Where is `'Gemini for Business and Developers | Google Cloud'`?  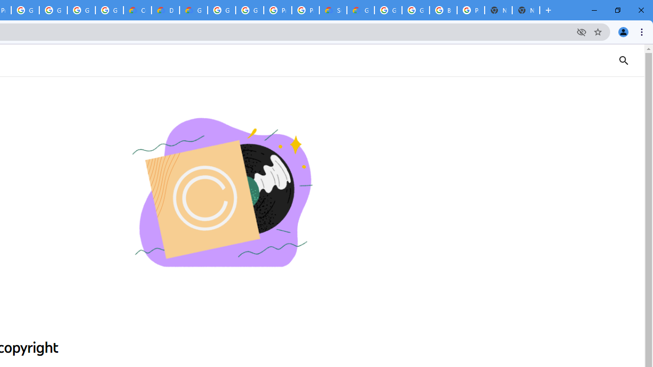
'Gemini for Business and Developers | Google Cloud' is located at coordinates (193, 10).